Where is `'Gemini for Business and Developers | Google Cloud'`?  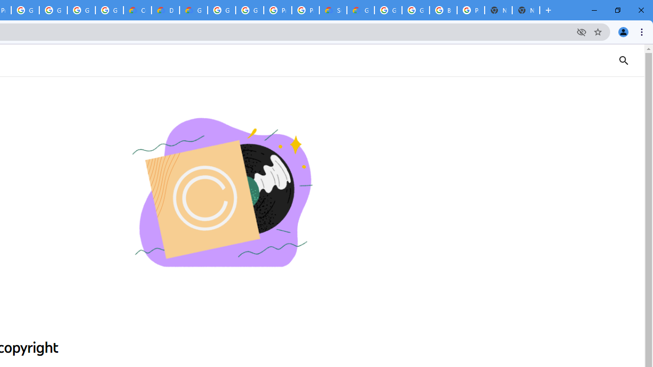
'Gemini for Business and Developers | Google Cloud' is located at coordinates (193, 10).